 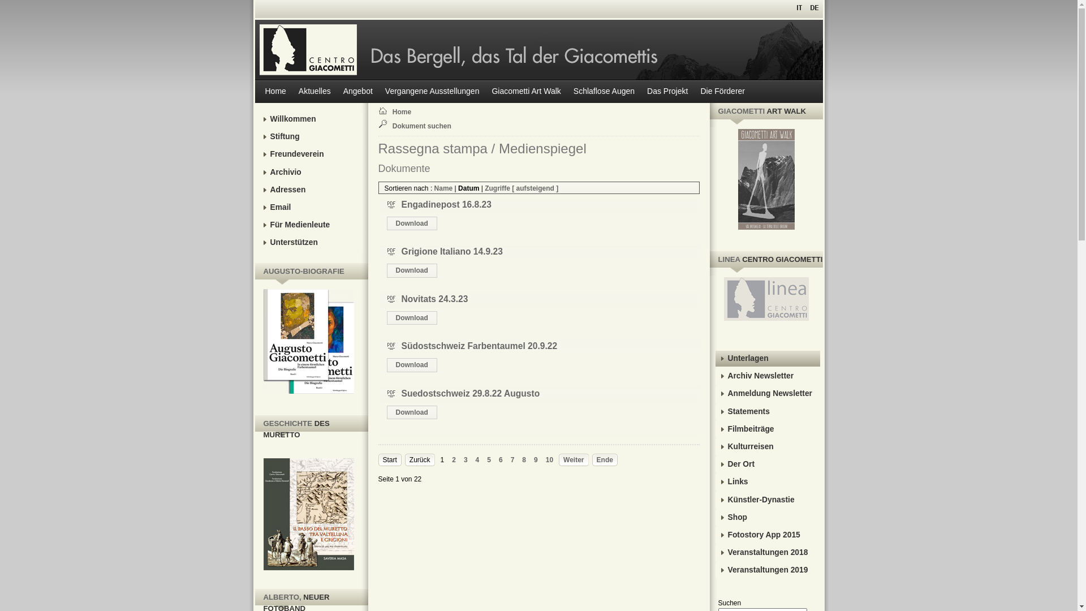 I want to click on 'Das Projekt', so click(x=667, y=91).